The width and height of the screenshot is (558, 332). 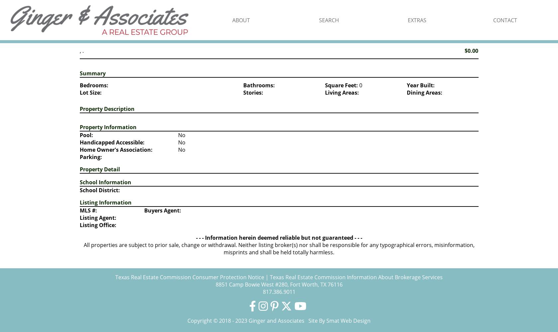 I want to click on '$0.00', so click(x=464, y=51).